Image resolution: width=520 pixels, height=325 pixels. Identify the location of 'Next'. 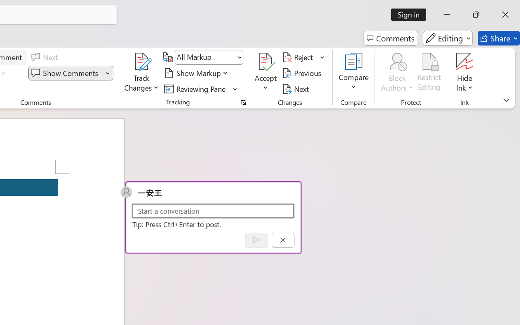
(296, 89).